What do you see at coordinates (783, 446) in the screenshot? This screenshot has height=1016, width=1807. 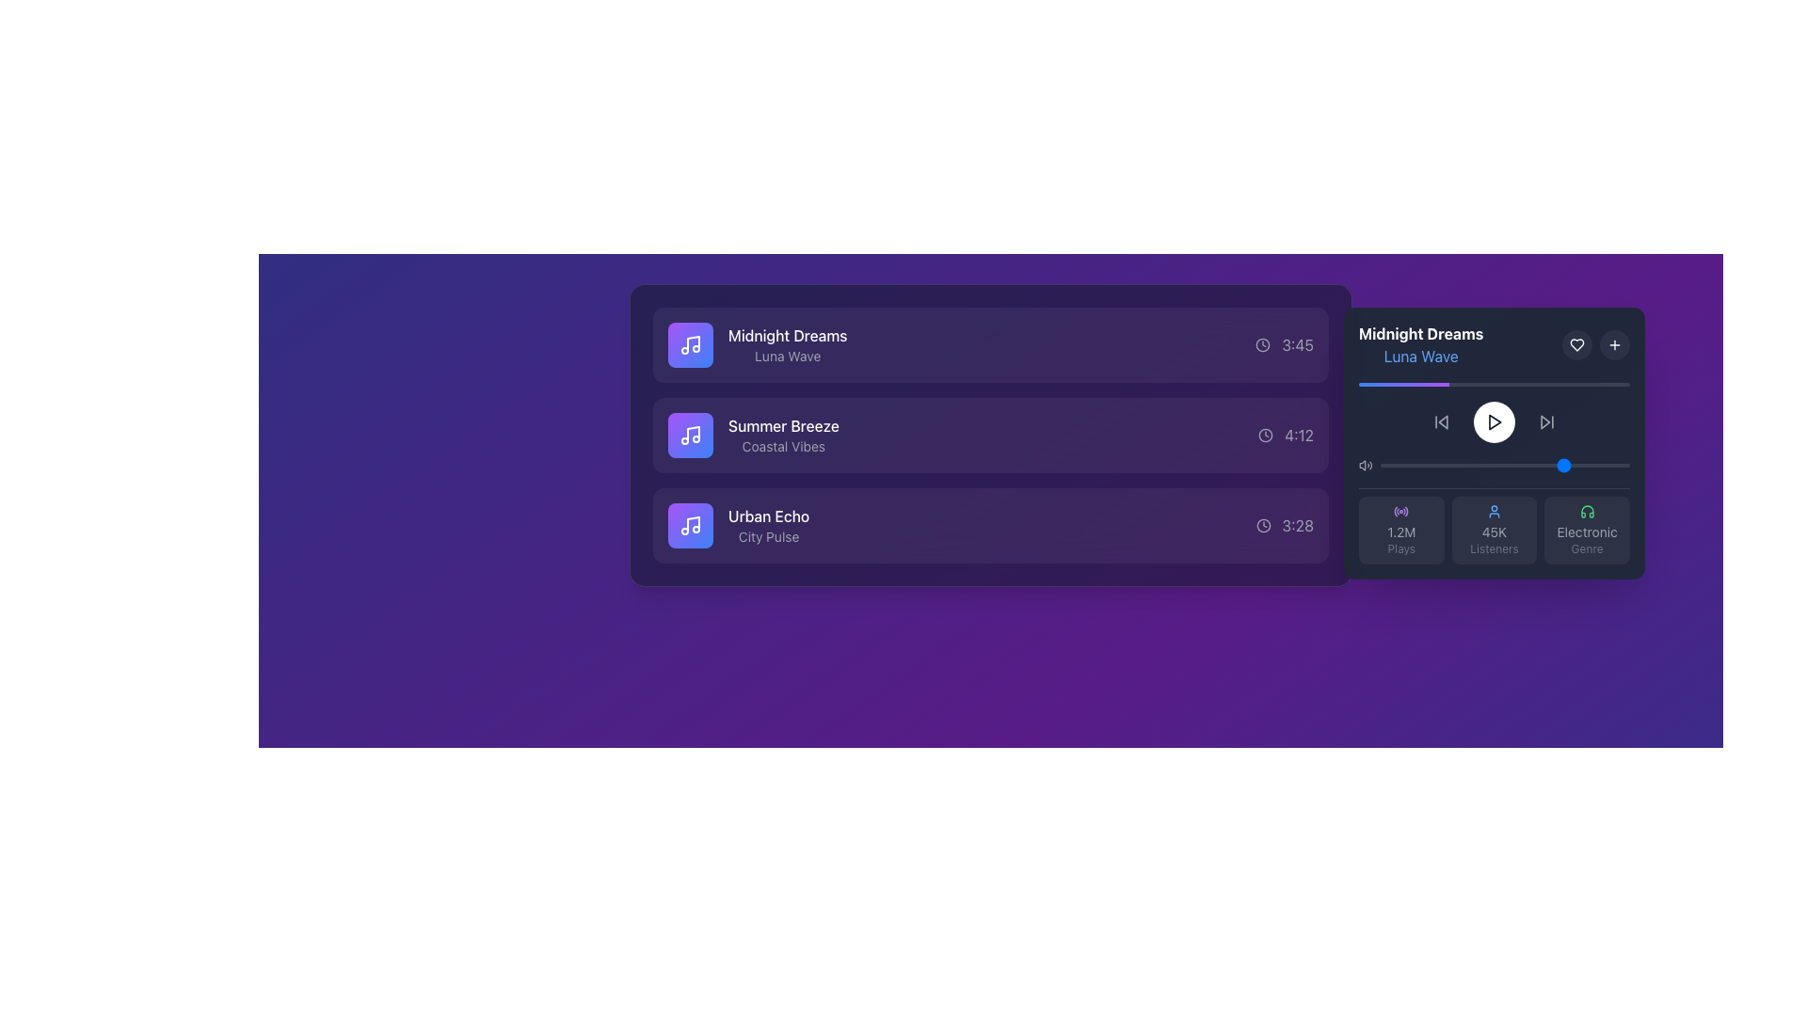 I see `the text label providing additional descriptive information for the music track 'Summer Breeze', located in the middle row of the list` at bounding box center [783, 446].